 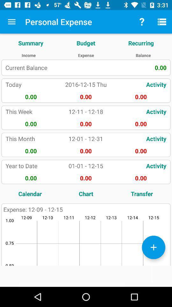 I want to click on item to the left of the recurring, so click(x=86, y=43).